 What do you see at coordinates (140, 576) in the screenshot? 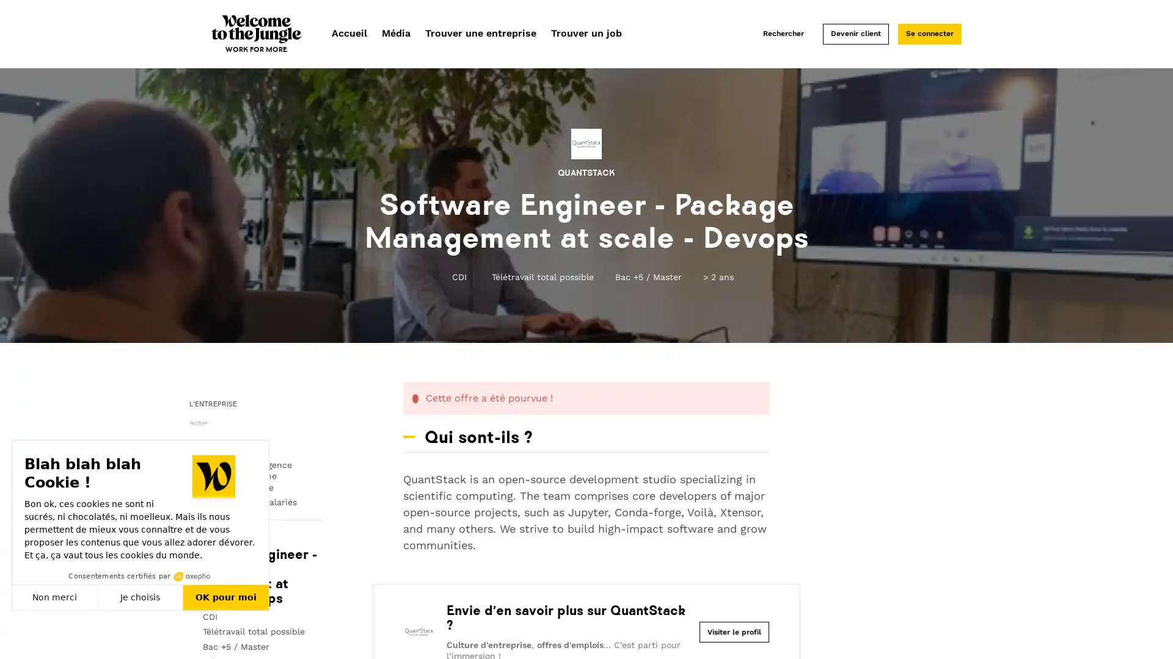
I see `Consentements certifies par` at bounding box center [140, 576].